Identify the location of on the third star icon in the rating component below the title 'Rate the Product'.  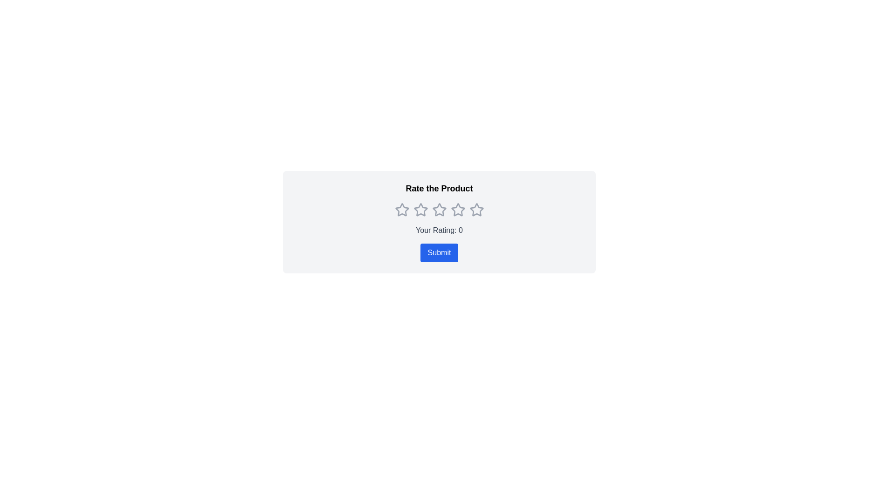
(458, 210).